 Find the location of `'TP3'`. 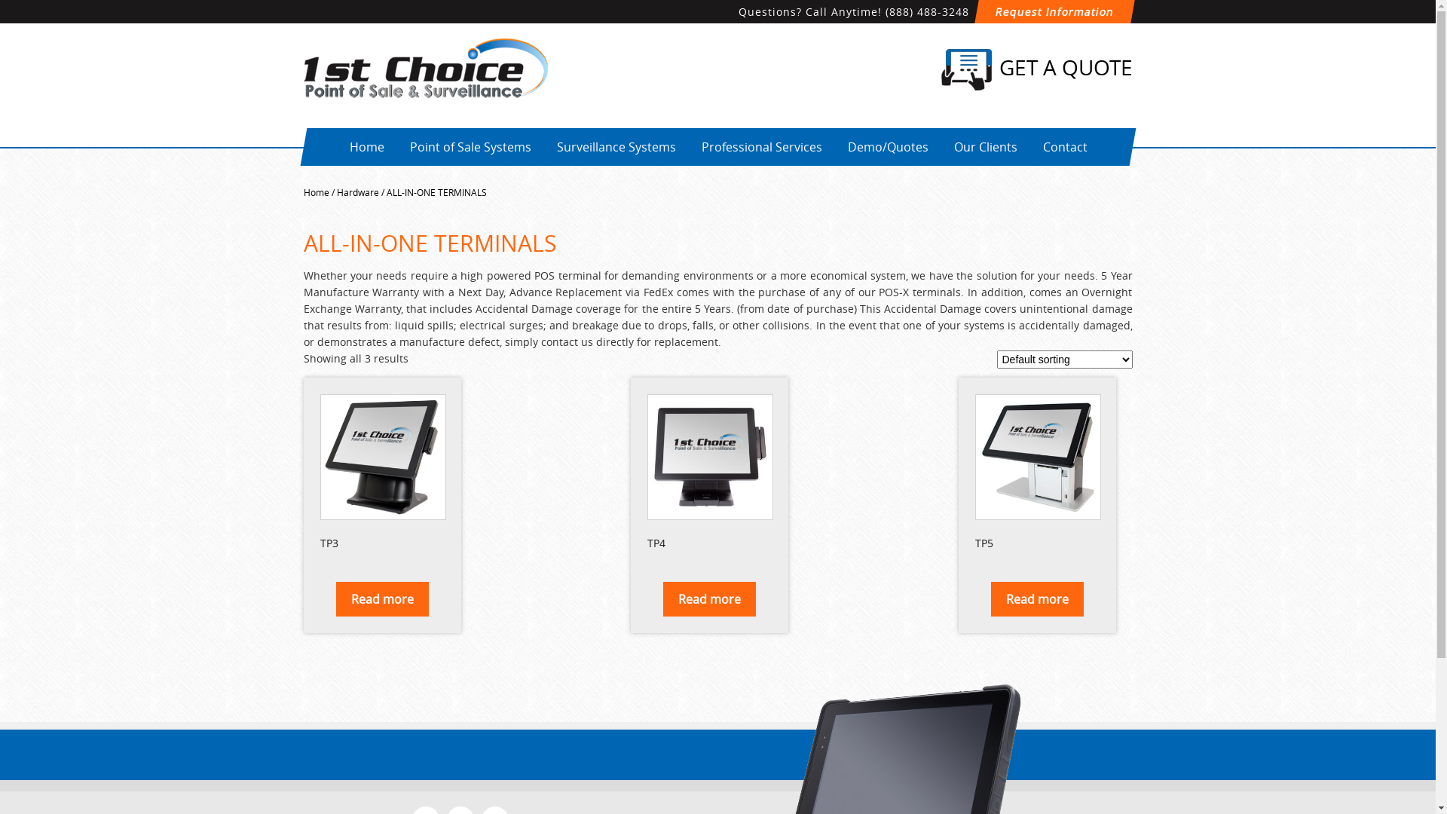

'TP3' is located at coordinates (381, 473).